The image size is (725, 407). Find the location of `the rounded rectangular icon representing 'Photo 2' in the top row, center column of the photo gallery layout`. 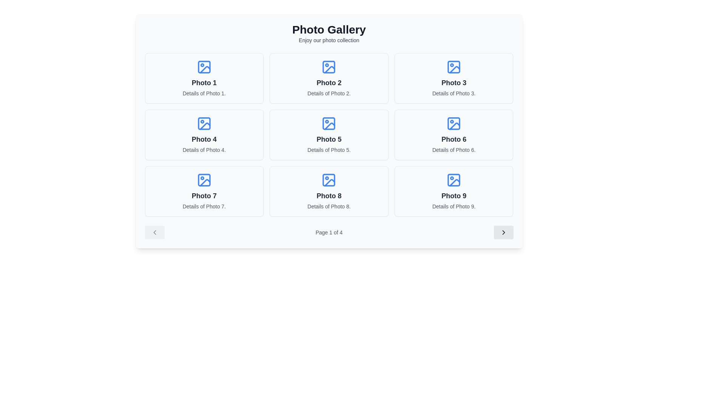

the rounded rectangular icon representing 'Photo 2' in the top row, center column of the photo gallery layout is located at coordinates (329, 66).